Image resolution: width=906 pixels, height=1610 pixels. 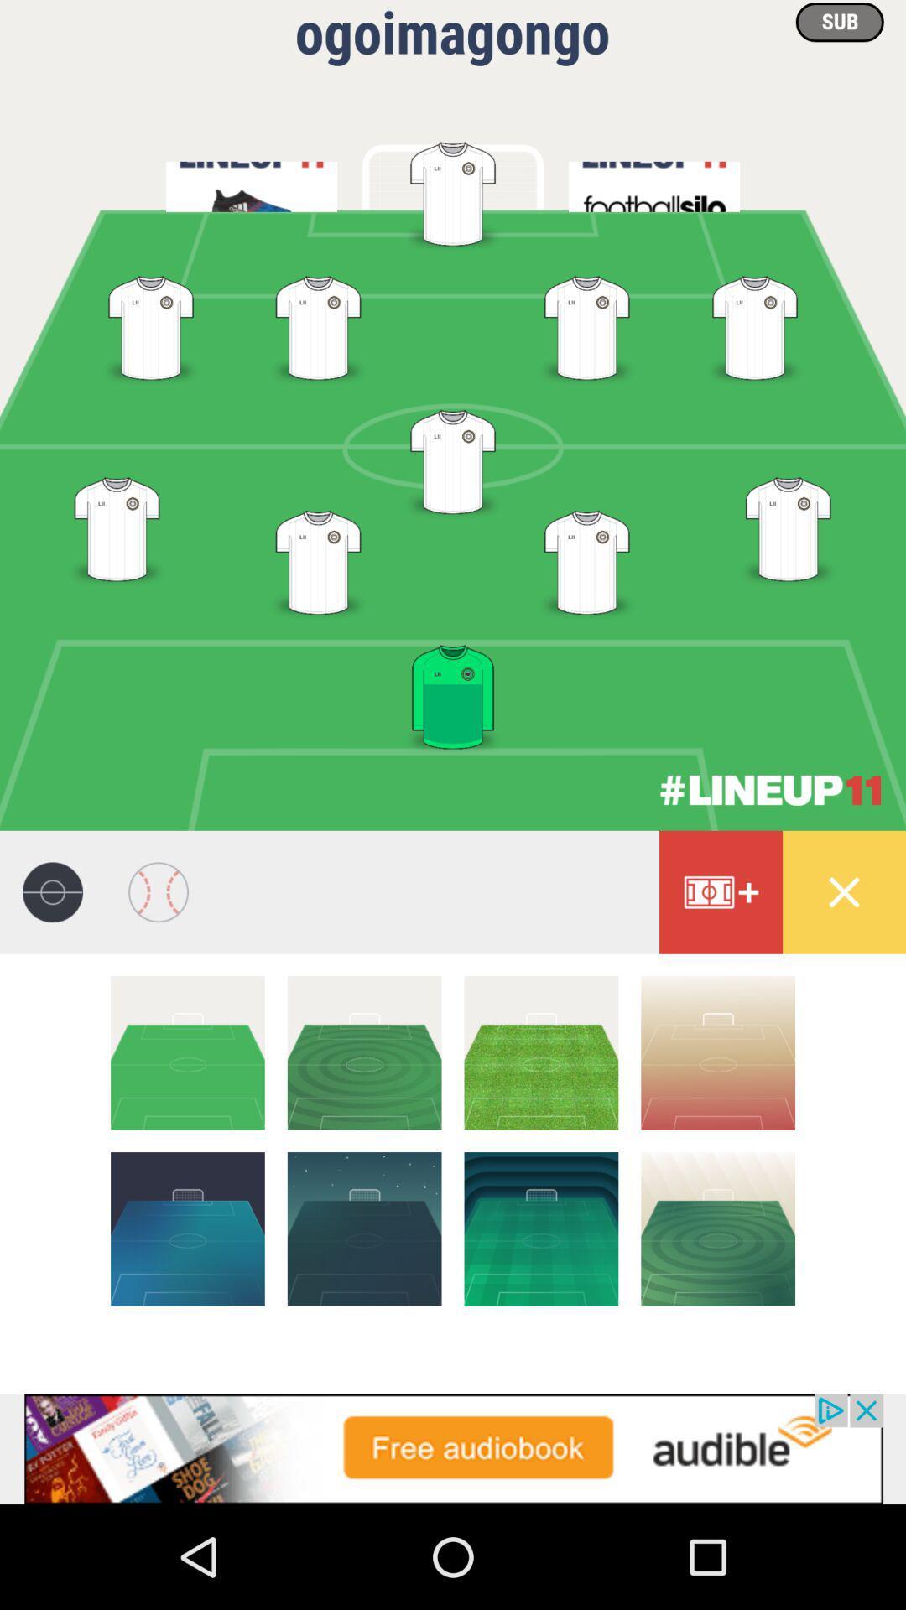 I want to click on the close icon, so click(x=844, y=891).